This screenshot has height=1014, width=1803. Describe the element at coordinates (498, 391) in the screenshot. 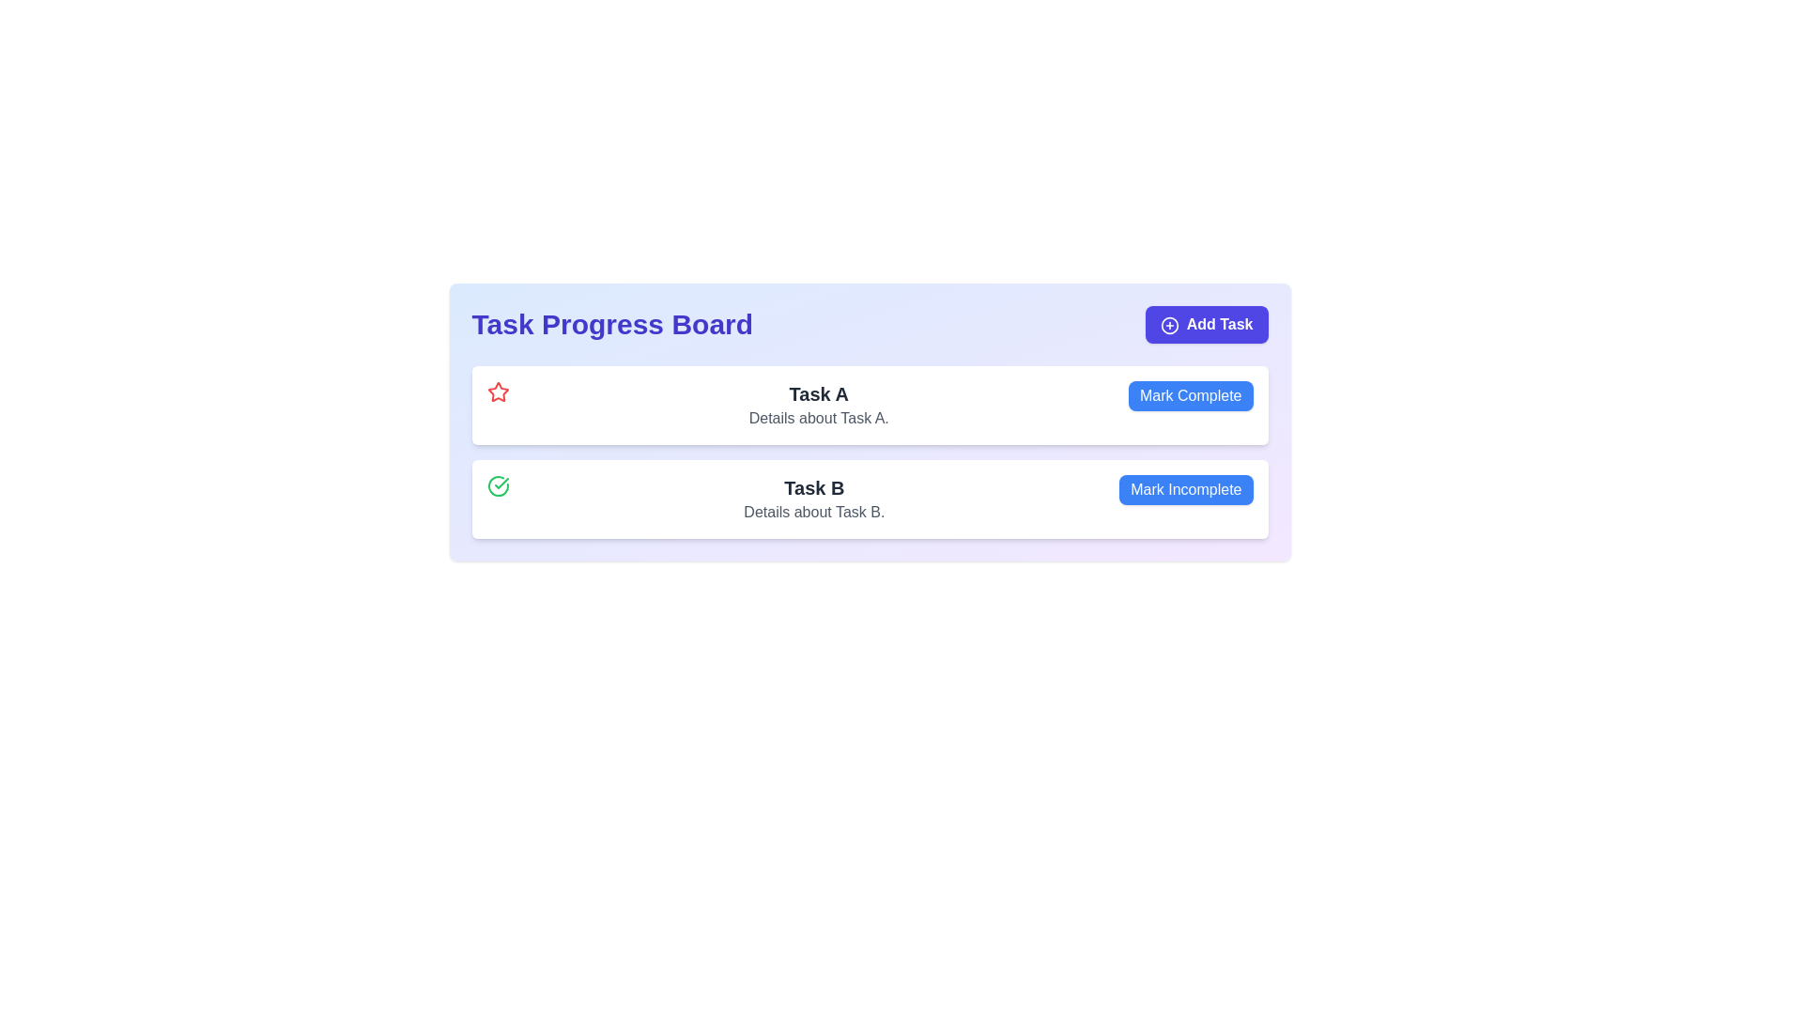

I see `the star icon located near the top-left corner of the task list, immediately to the left of the text 'Task A'` at that location.